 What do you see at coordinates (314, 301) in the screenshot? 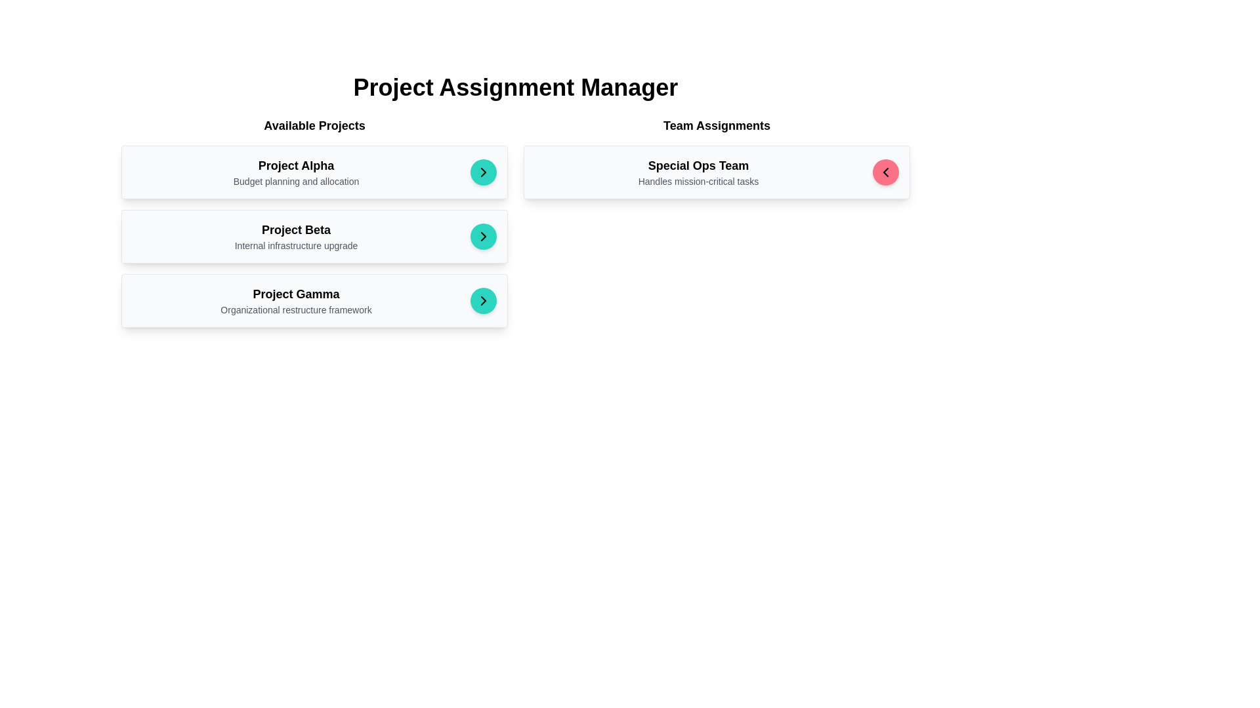
I see `the third project card in the 'Available Projects' section` at bounding box center [314, 301].